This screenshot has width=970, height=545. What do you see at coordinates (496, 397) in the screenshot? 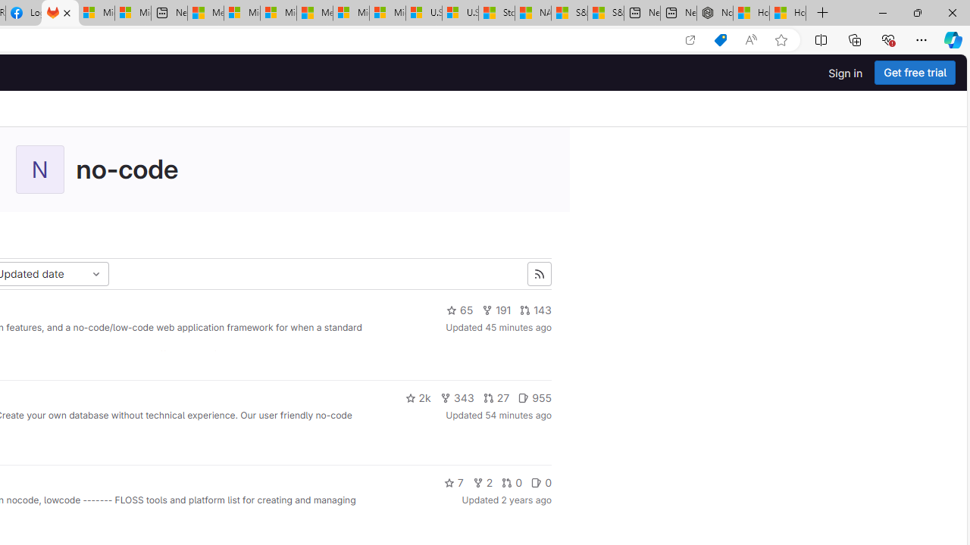
I see `'27'` at bounding box center [496, 397].